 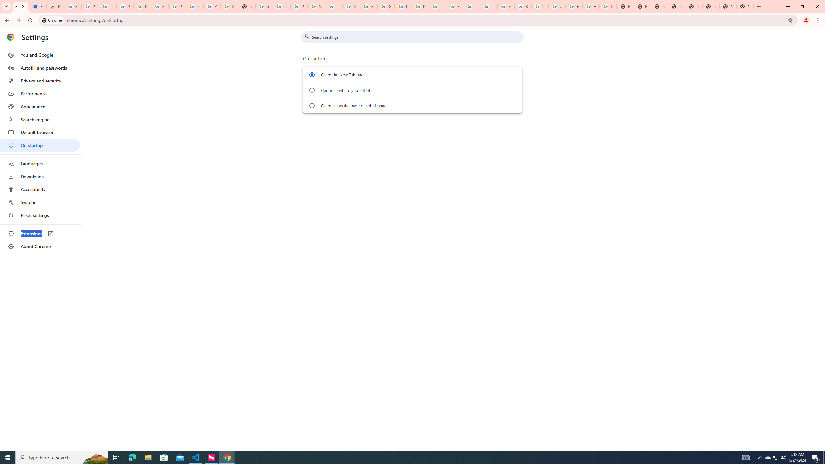 I want to click on 'Continue where you left off', so click(x=311, y=90).